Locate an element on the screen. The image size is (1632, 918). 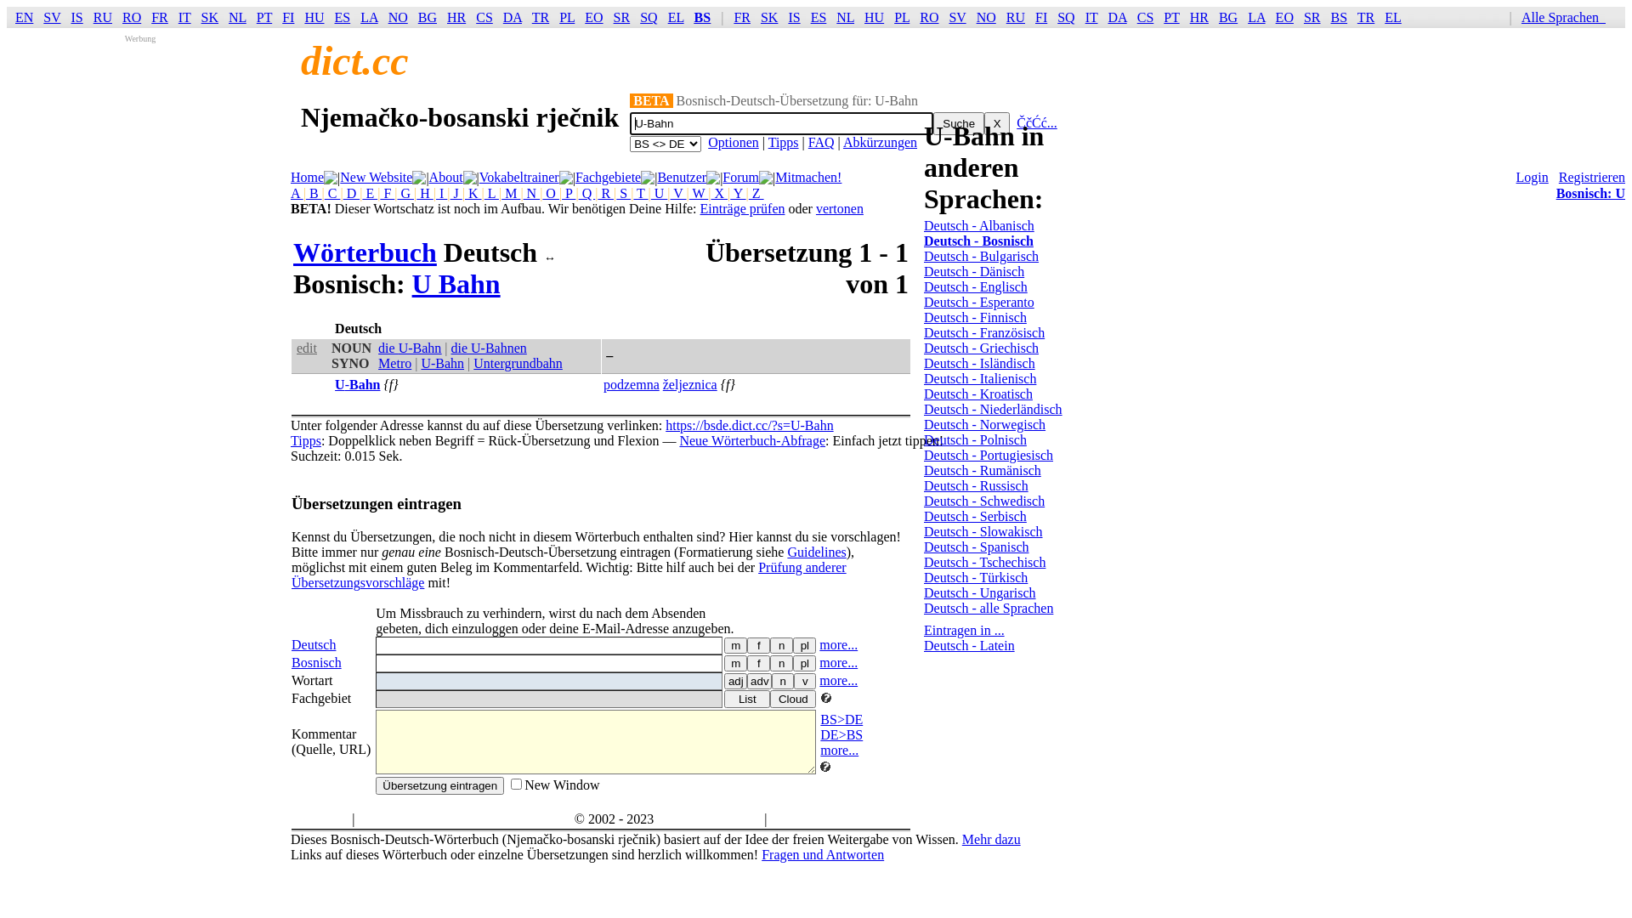
'Deutsch - Tschechisch' is located at coordinates (984, 562).